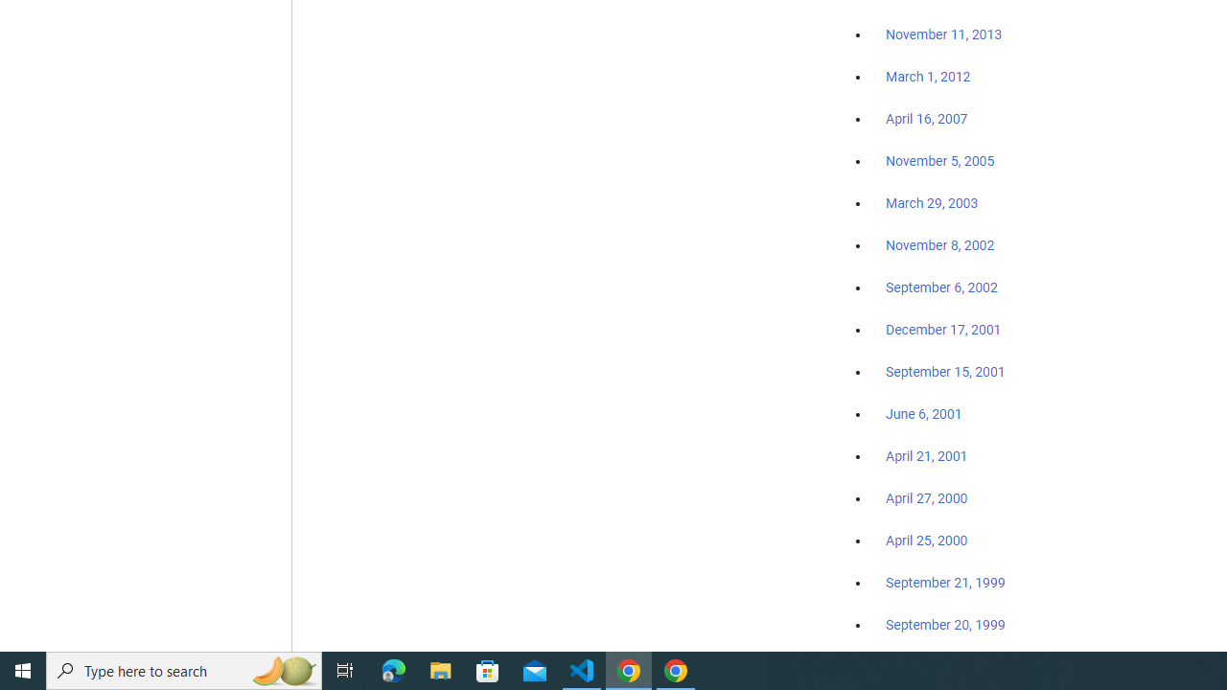 The image size is (1227, 690). What do you see at coordinates (927, 119) in the screenshot?
I see `'April 16, 2007'` at bounding box center [927, 119].